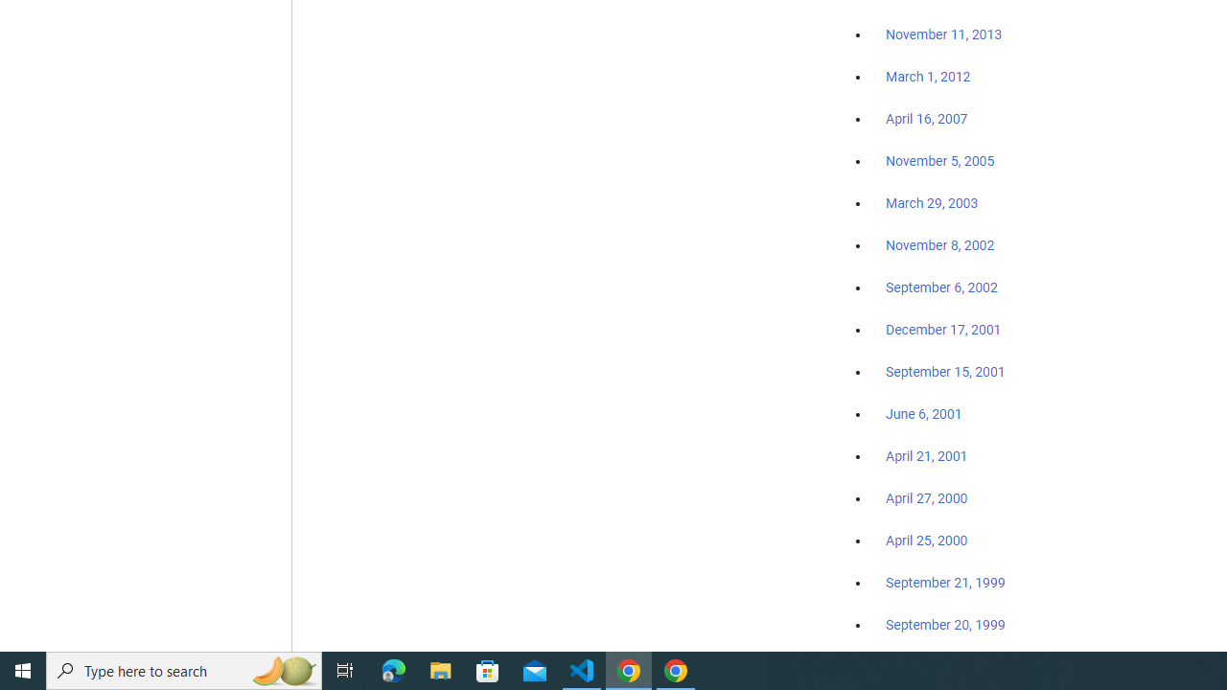 The image size is (1227, 690). What do you see at coordinates (927, 119) in the screenshot?
I see `'April 16, 2007'` at bounding box center [927, 119].